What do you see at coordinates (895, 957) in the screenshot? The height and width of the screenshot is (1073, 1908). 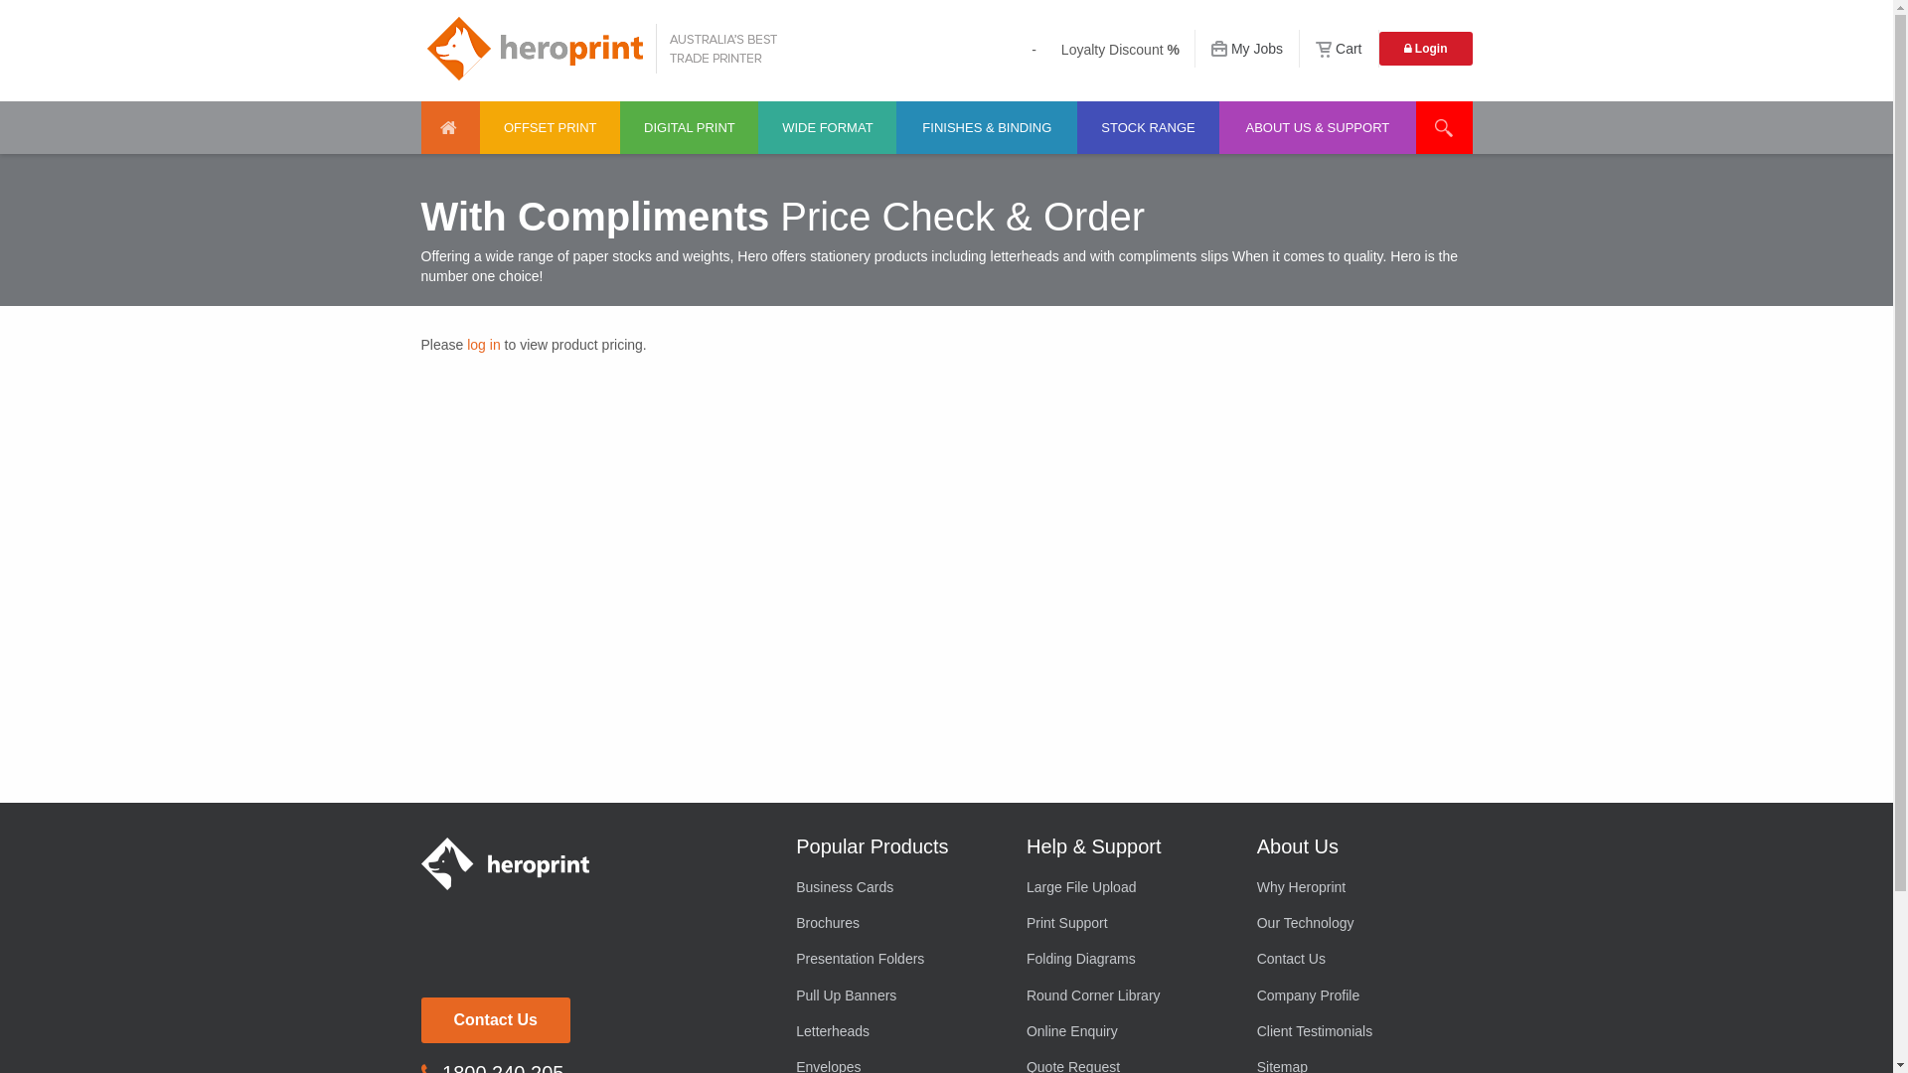 I see `'Presentation Folders'` at bounding box center [895, 957].